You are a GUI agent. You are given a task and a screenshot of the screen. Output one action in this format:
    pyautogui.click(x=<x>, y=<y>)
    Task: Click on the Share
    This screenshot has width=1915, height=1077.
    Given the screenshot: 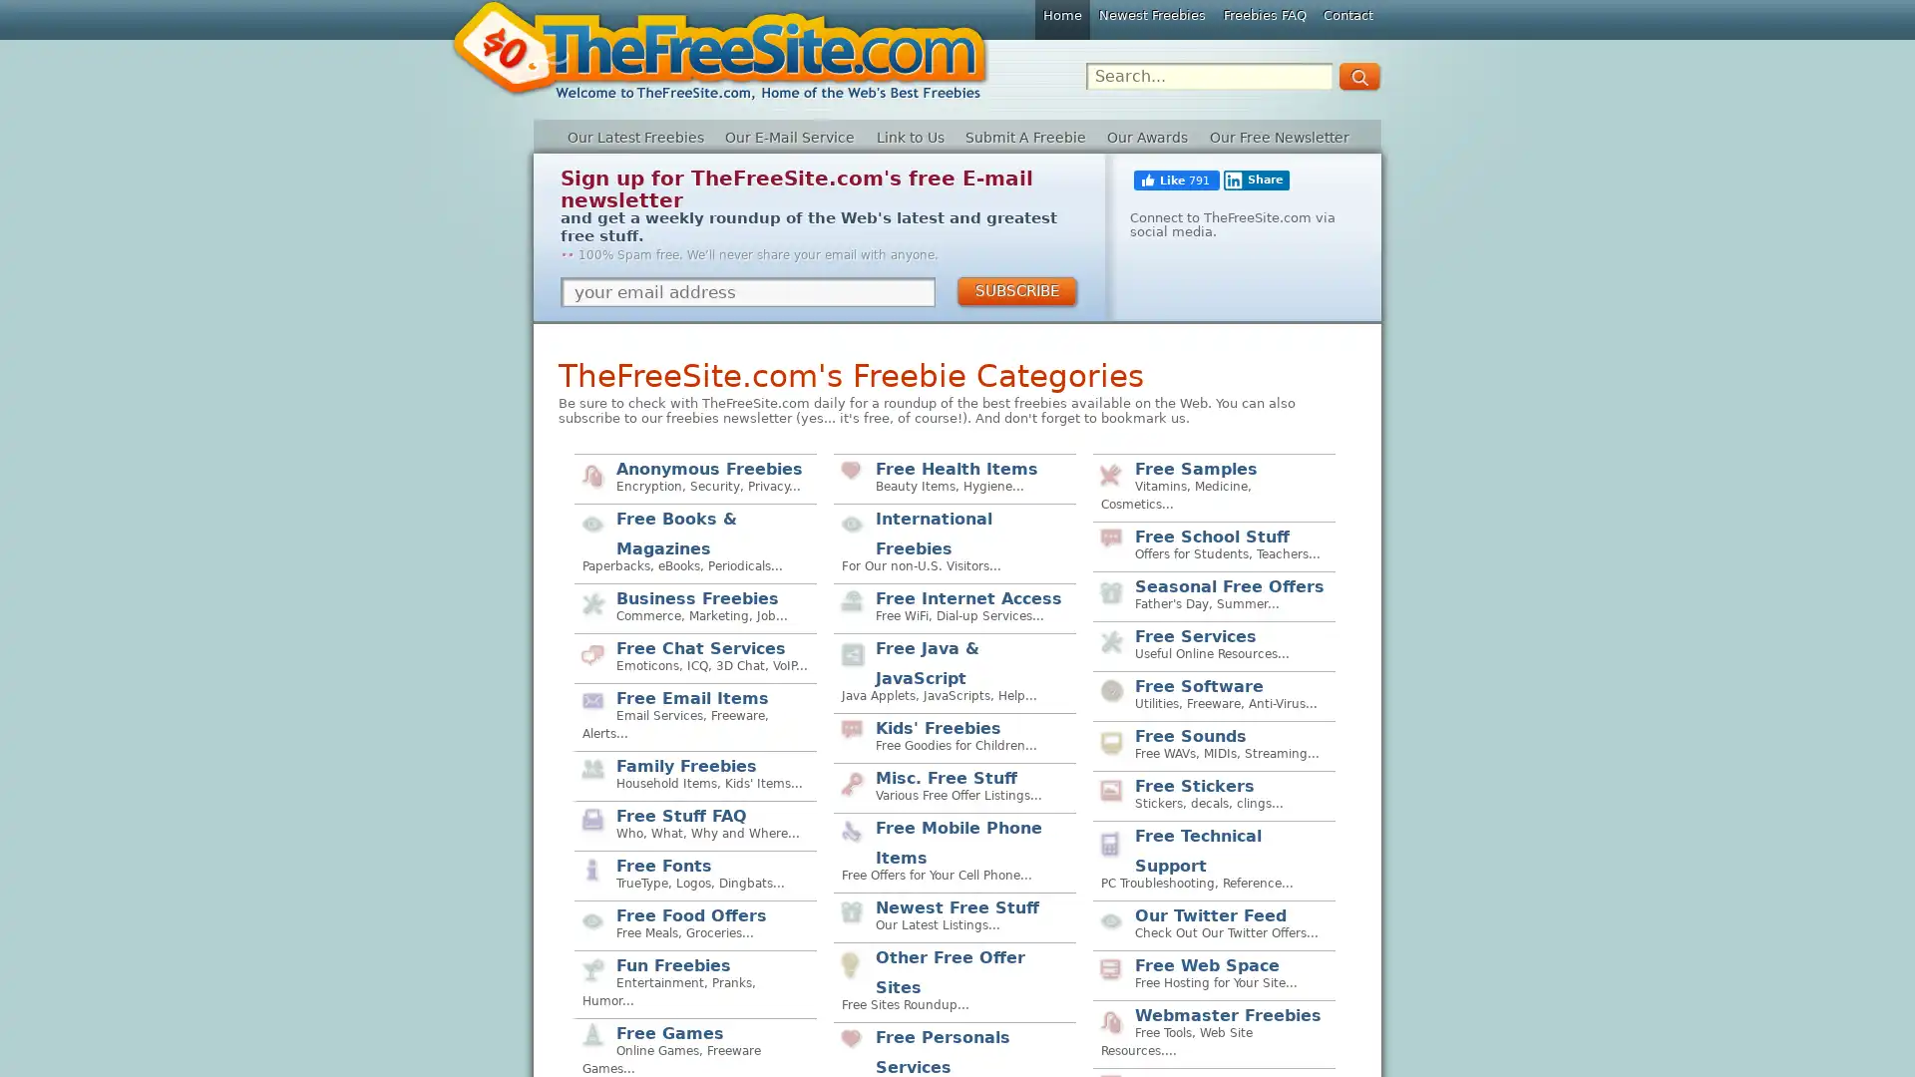 What is the action you would take?
    pyautogui.click(x=1331, y=180)
    